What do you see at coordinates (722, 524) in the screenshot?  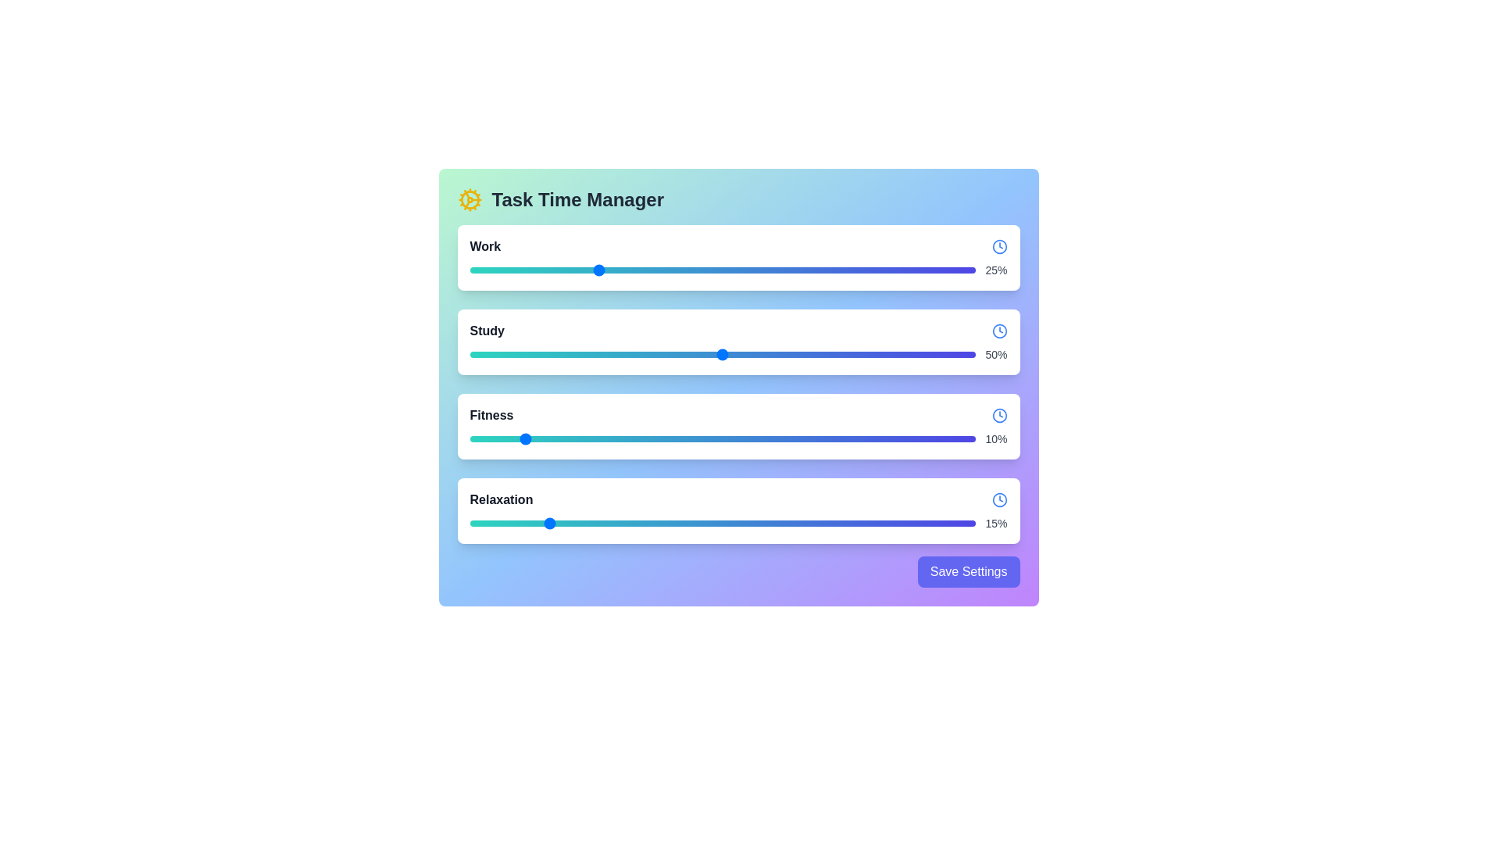 I see `the slider for Relaxation to view its tooltip` at bounding box center [722, 524].